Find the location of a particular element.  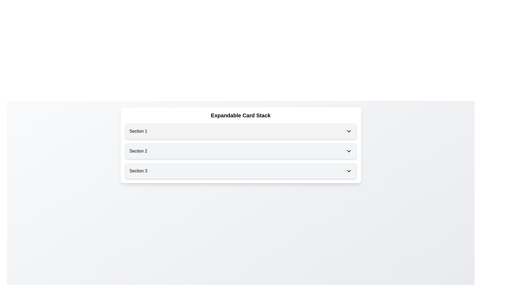

the 'Section 3' button is located at coordinates (240, 171).